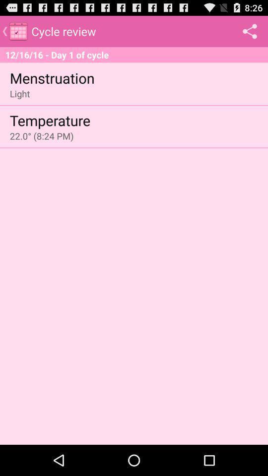  Describe the element at coordinates (134, 55) in the screenshot. I see `the item above the menstruation app` at that location.